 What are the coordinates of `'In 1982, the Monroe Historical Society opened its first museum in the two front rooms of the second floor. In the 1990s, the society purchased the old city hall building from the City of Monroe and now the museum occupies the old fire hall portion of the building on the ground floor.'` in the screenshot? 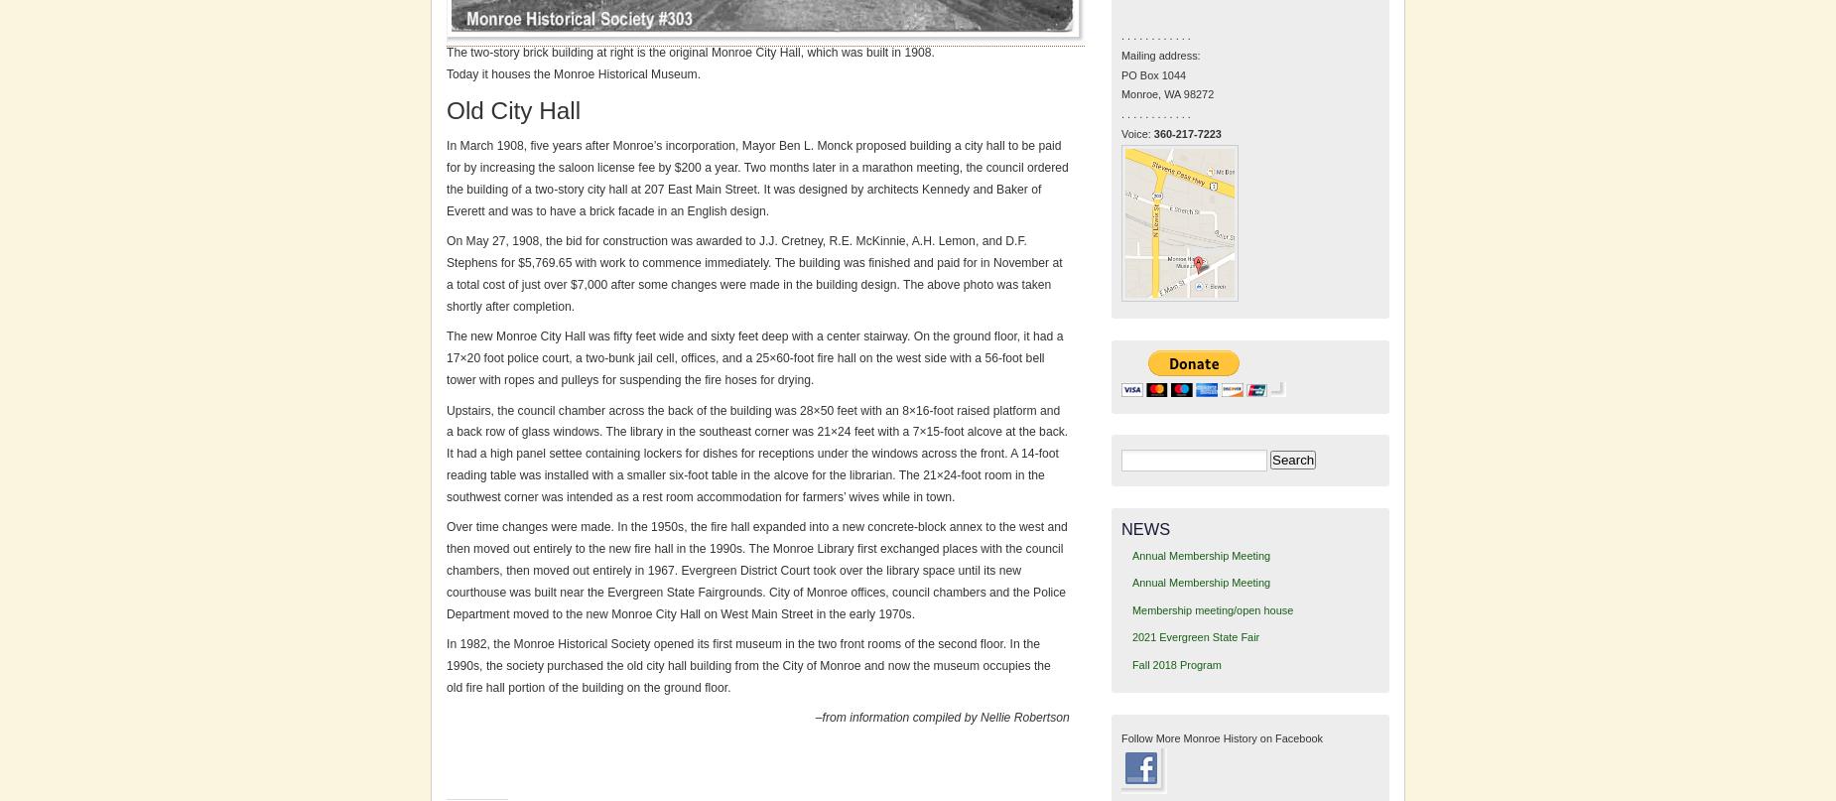 It's located at (748, 666).